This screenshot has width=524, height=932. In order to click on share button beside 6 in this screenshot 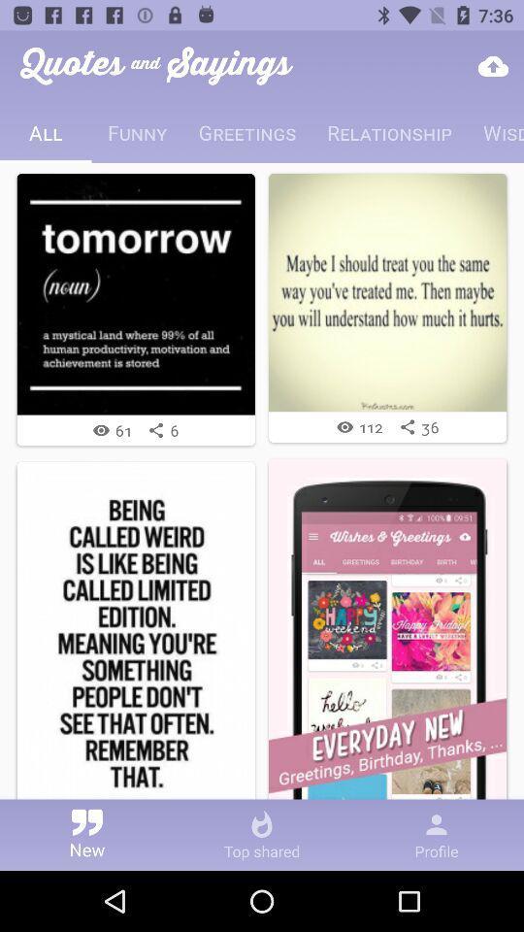, I will do `click(154, 430)`.